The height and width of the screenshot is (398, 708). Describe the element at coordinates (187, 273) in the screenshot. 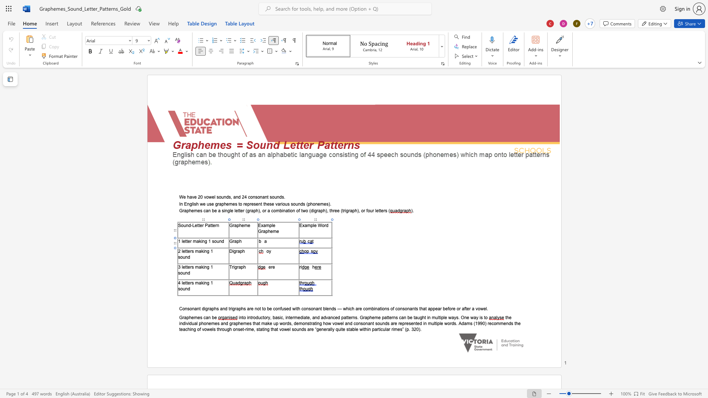

I see `the space between the continuous character "n" and "d" in the text` at that location.